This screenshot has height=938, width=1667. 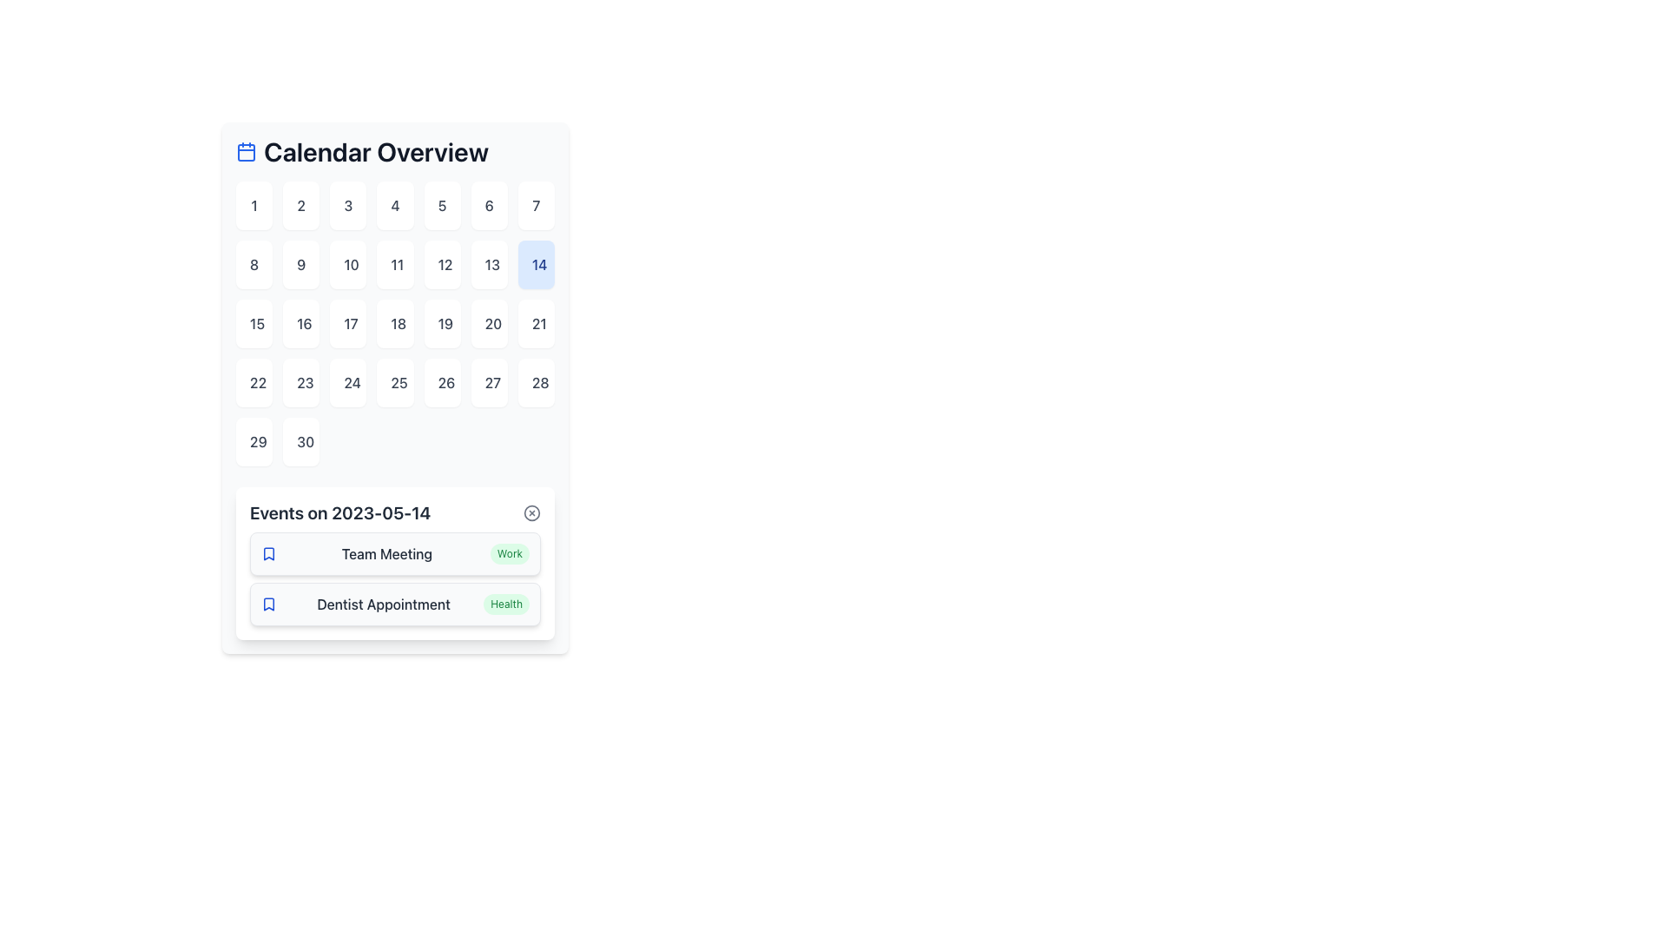 What do you see at coordinates (531, 512) in the screenshot?
I see `the circular gray button with a cross inside, located to the right of the text 'Events on 2023-05-14', to observe the state change or tooltip` at bounding box center [531, 512].